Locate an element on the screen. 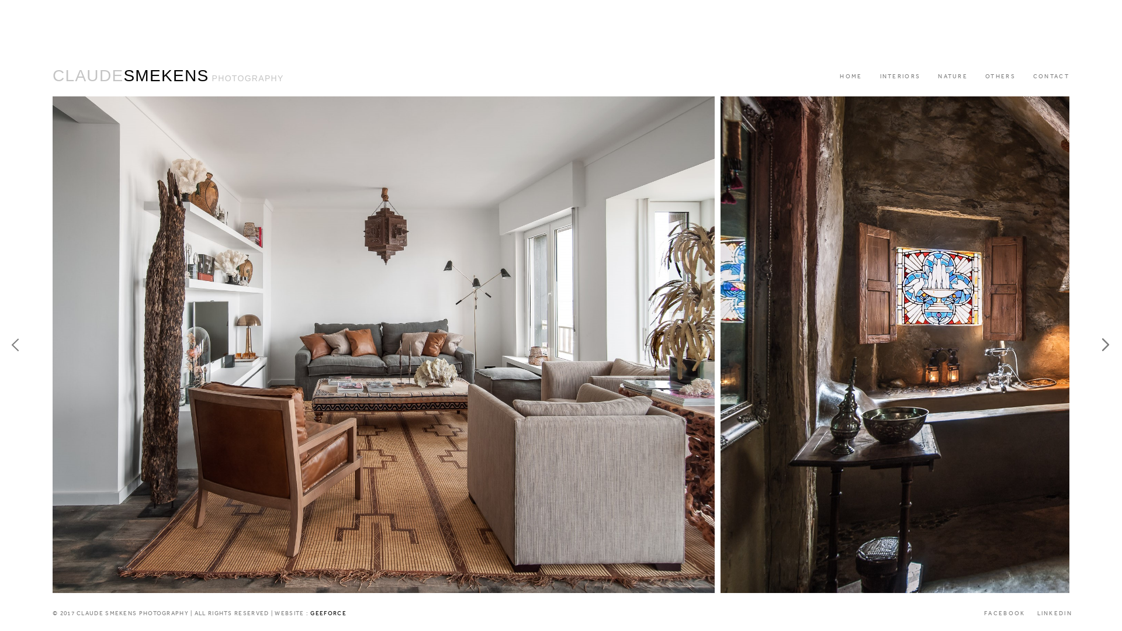 This screenshot has width=1122, height=631. 'OTHERS' is located at coordinates (1000, 77).